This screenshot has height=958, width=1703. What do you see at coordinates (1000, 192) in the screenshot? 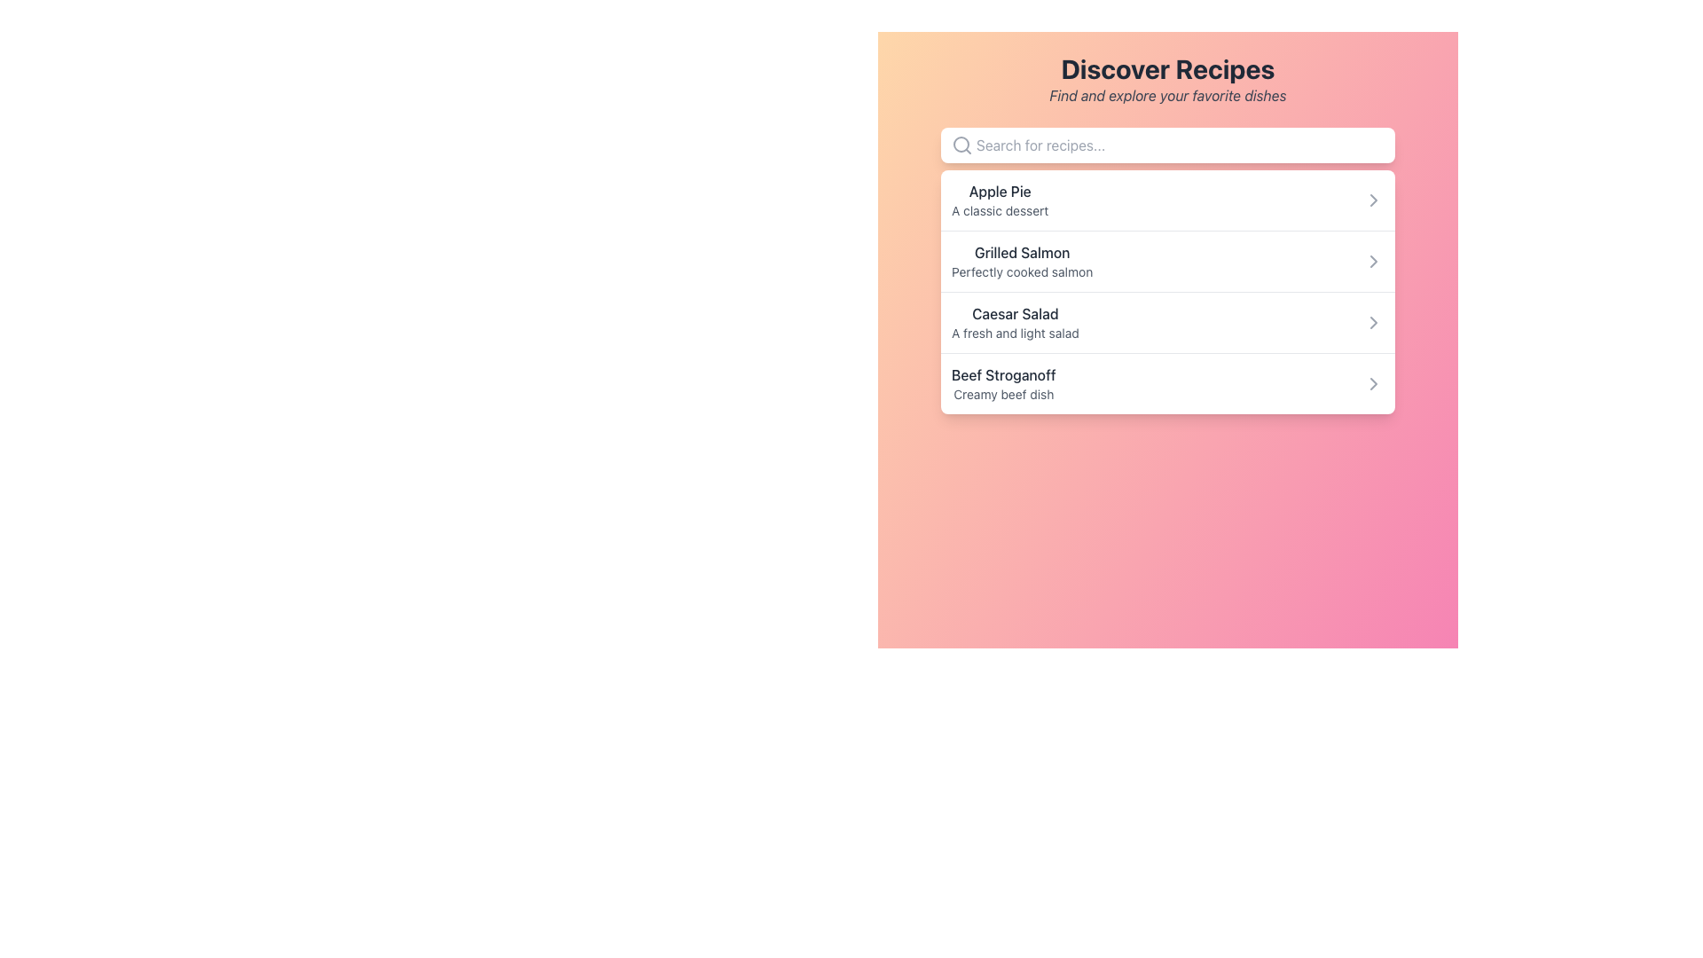
I see `the Text Label that serves as the title for the recipe, positioned at the top left of the recipe card` at bounding box center [1000, 192].